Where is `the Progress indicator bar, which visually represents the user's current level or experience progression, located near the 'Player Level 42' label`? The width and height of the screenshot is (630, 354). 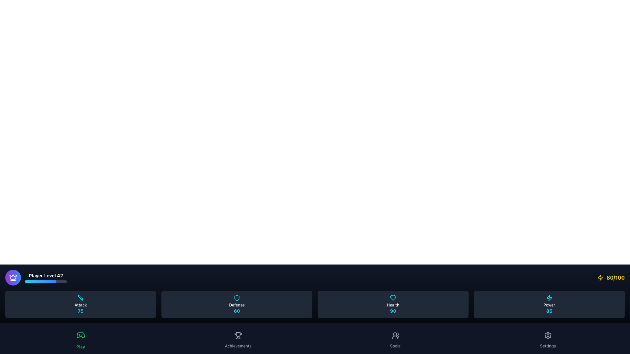 the Progress indicator bar, which visually represents the user's current level or experience progression, located near the 'Player Level 42' label is located at coordinates (40, 281).